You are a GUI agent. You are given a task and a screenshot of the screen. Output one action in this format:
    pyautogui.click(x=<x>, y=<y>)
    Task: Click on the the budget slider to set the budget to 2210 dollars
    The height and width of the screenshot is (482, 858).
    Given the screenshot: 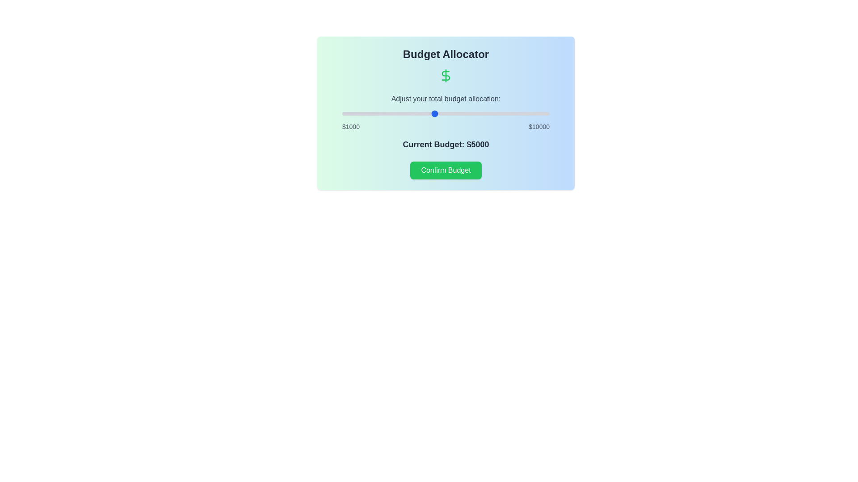 What is the action you would take?
    pyautogui.click(x=370, y=113)
    